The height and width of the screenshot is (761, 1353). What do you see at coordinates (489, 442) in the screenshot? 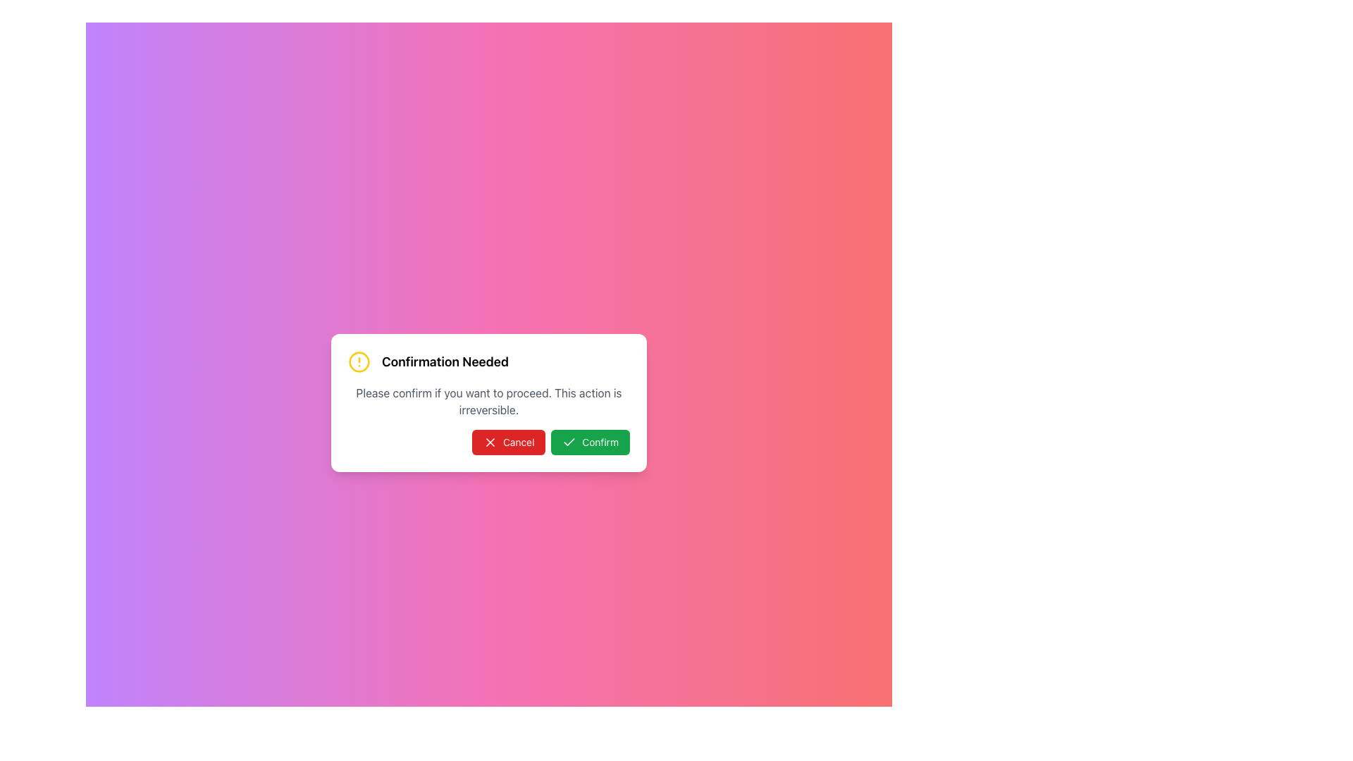
I see `the Button Group containing 'Cancel' and 'Confirm' buttons` at bounding box center [489, 442].